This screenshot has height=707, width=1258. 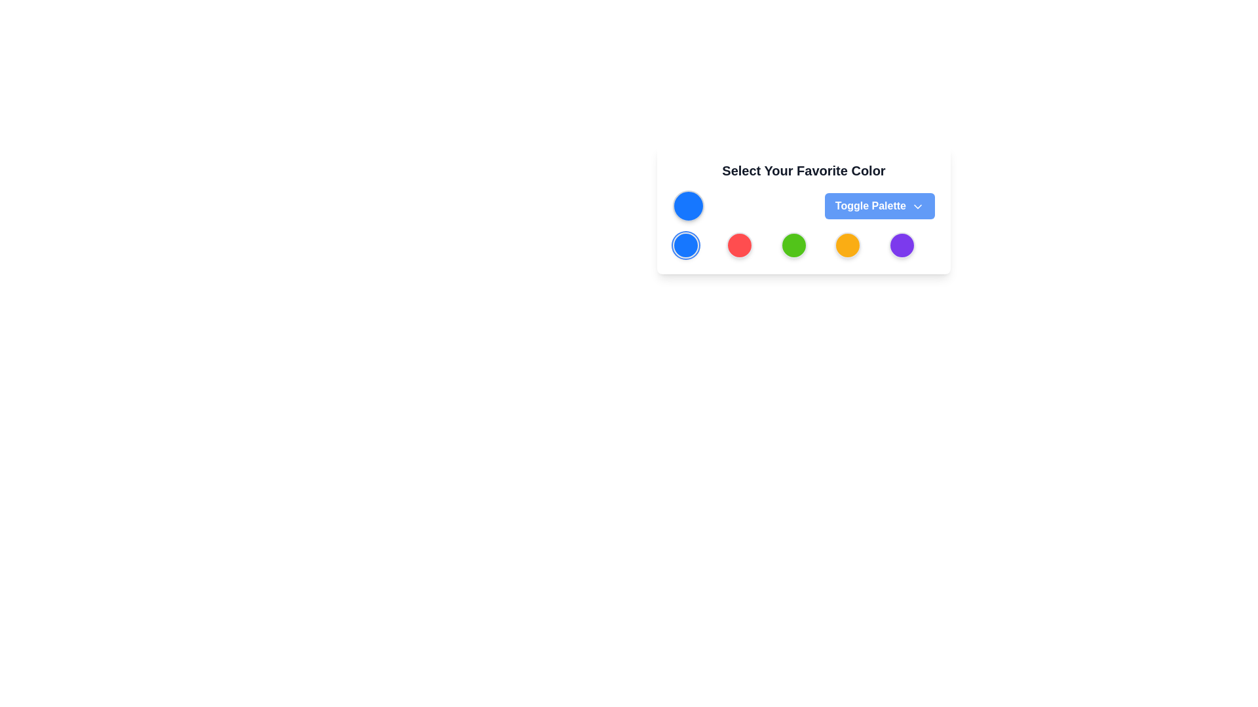 What do you see at coordinates (688, 206) in the screenshot?
I see `the circle-shaped button located at the extreme left of the grouping, which is likely for selection or indicating a color choice` at bounding box center [688, 206].